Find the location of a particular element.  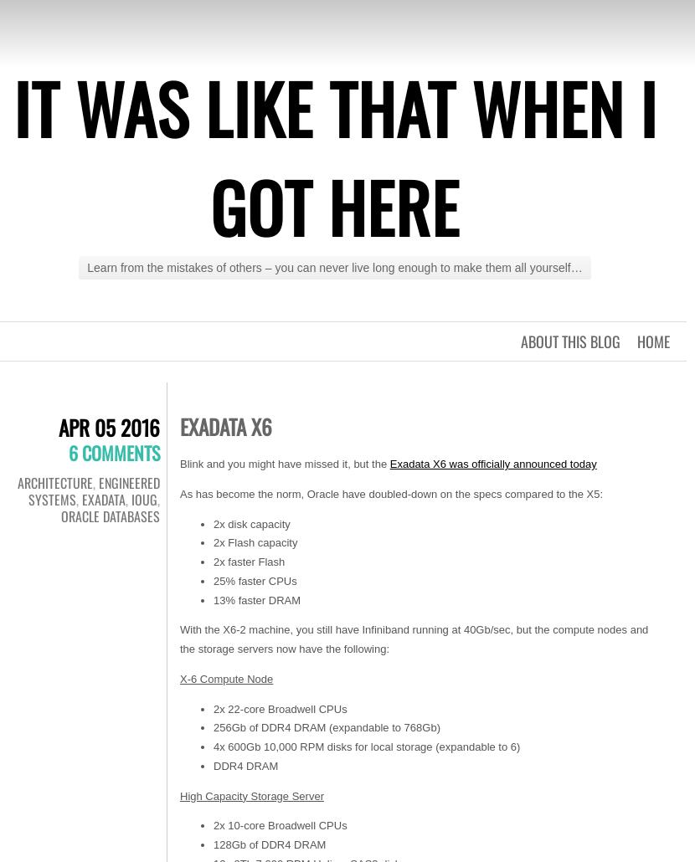

'Exadata' is located at coordinates (104, 499).